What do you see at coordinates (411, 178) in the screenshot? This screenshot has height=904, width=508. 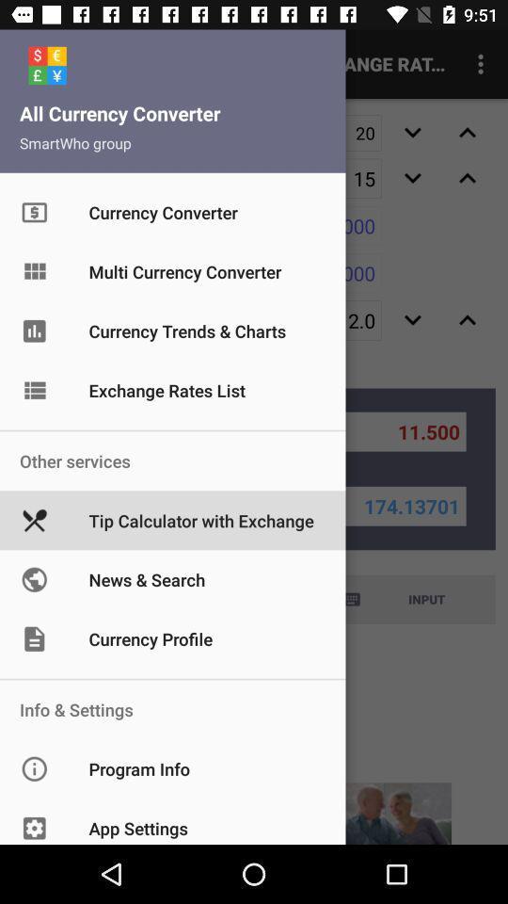 I see `the expand_more icon` at bounding box center [411, 178].